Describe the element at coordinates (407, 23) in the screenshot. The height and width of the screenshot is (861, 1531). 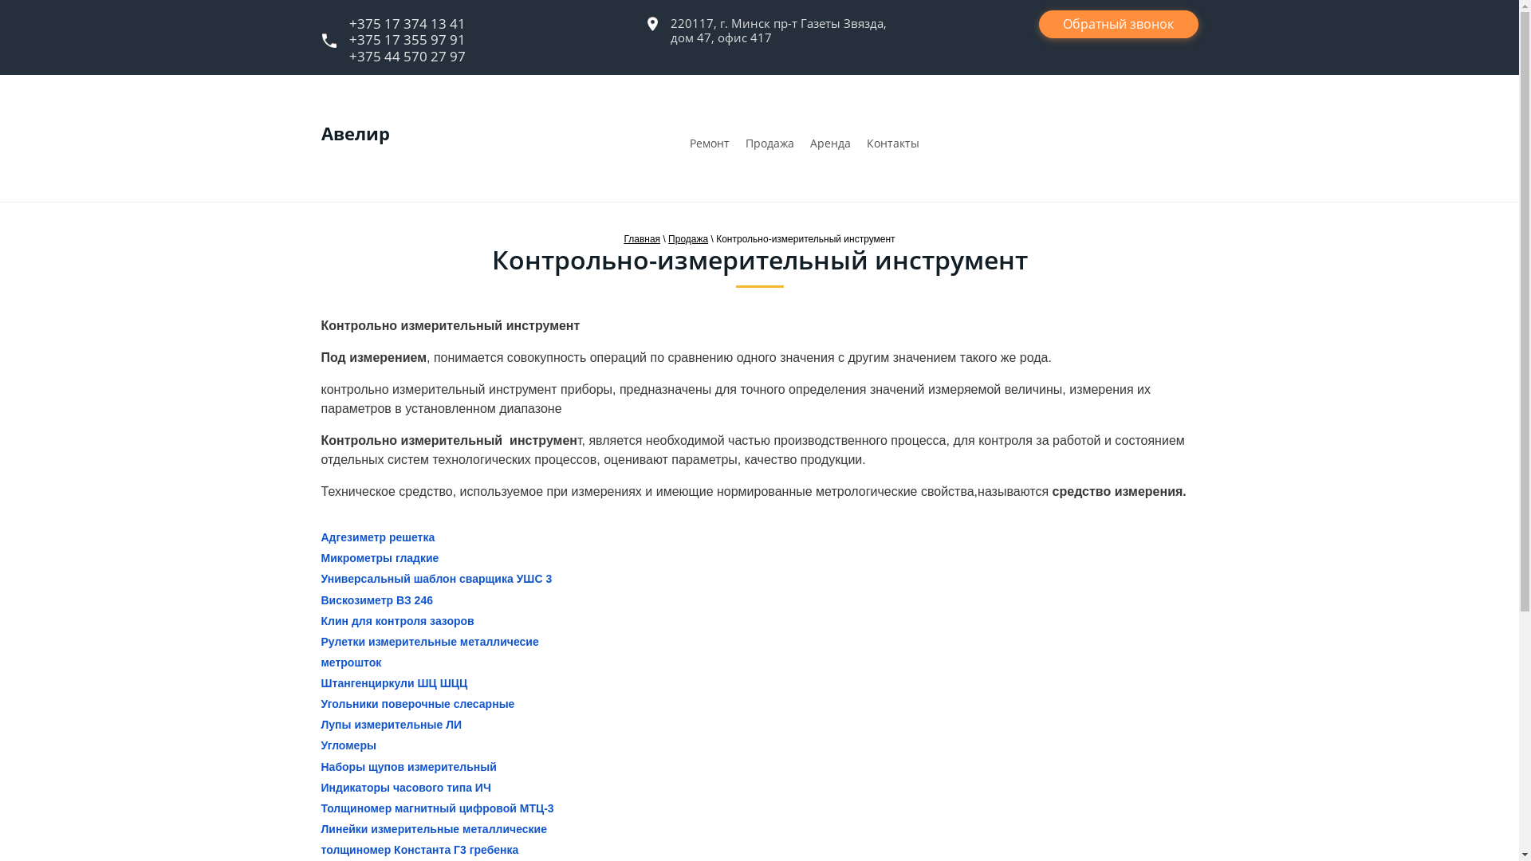
I see `'+375 17 374 13 41'` at that location.